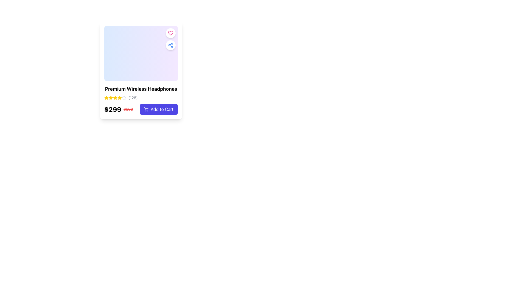 The height and width of the screenshot is (296, 527). I want to click on original price text element indicating the price before discount, which is positioned to the right of the text '$299' and above the 'Add to Cart' button, so click(128, 109).